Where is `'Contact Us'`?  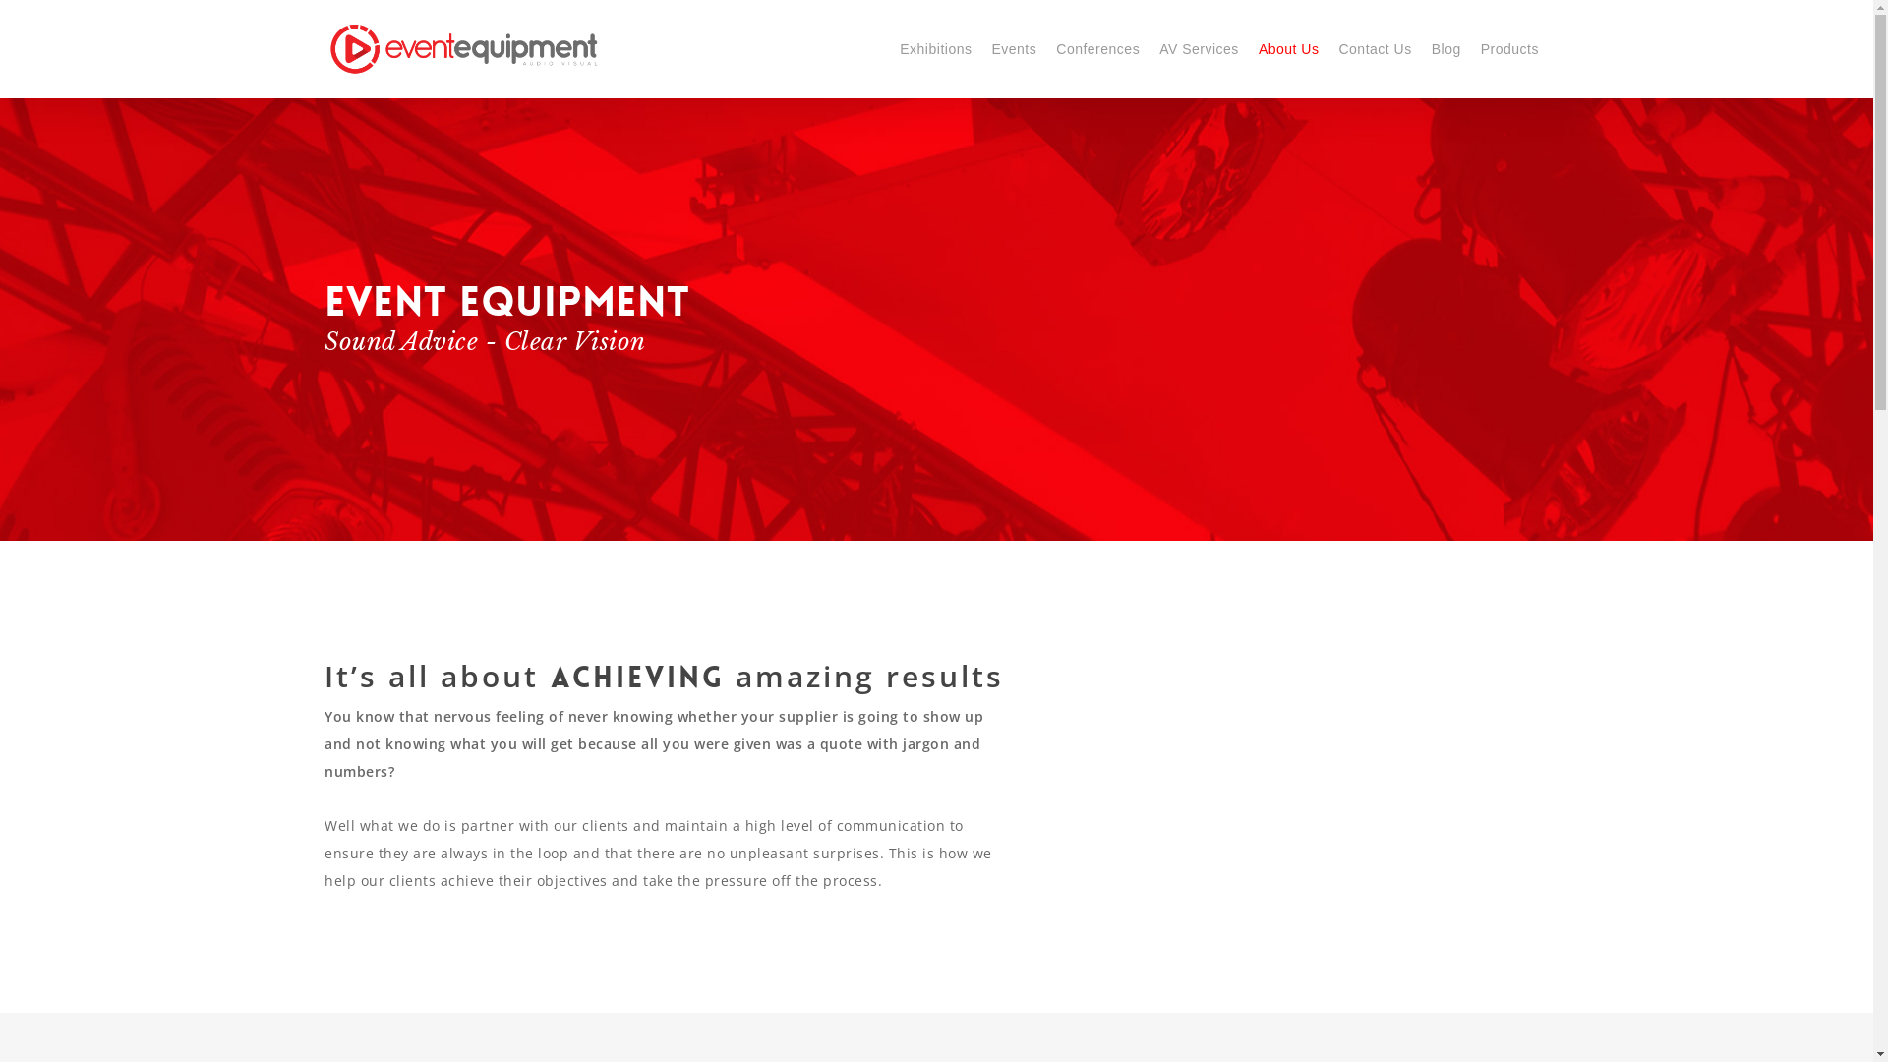 'Contact Us' is located at coordinates (1373, 48).